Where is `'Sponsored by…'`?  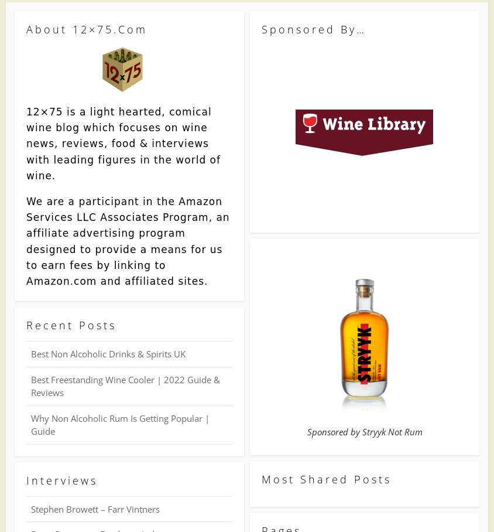 'Sponsored by…' is located at coordinates (260, 29).